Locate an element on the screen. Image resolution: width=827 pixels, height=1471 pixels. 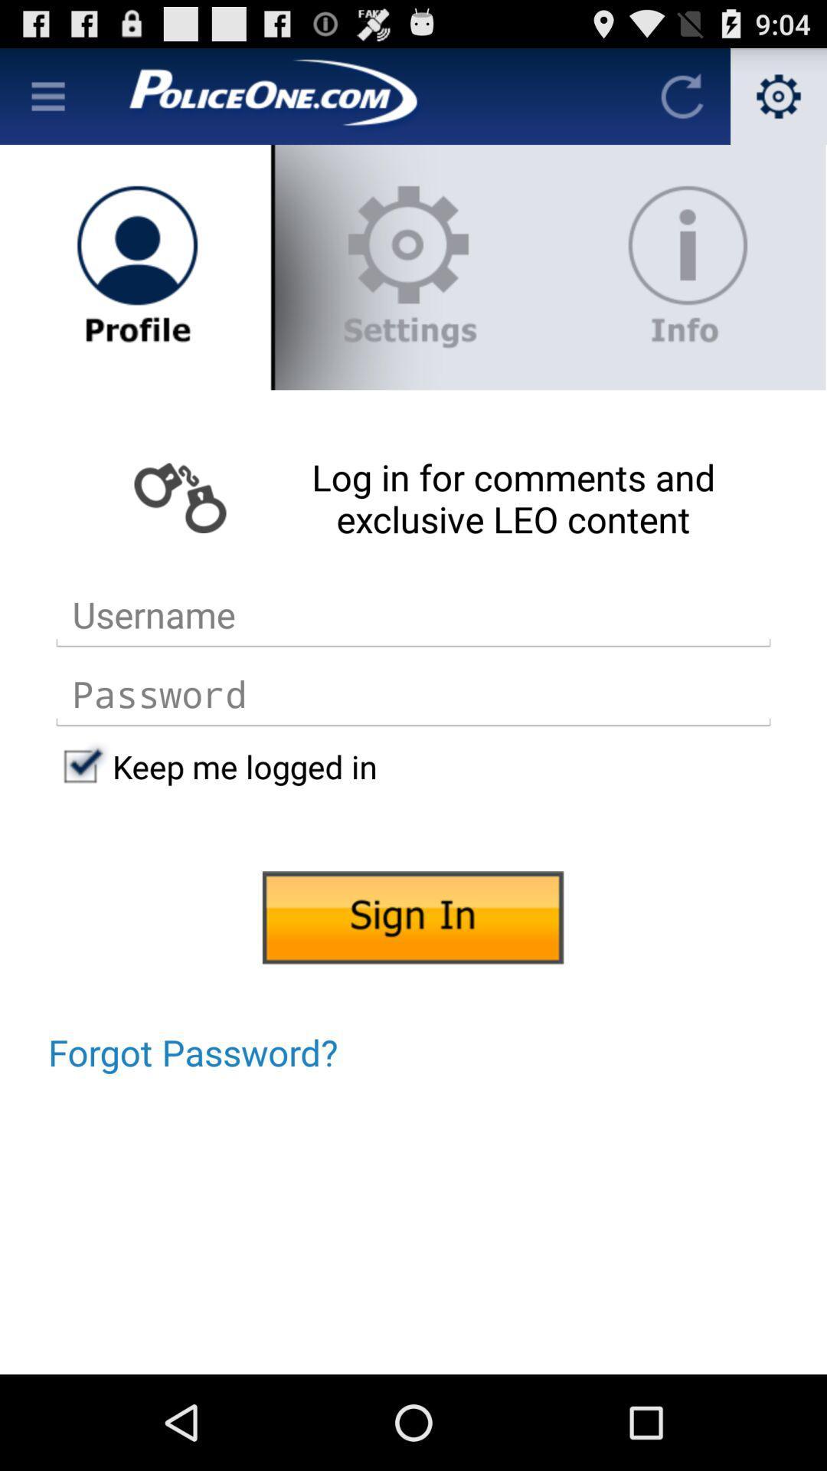
the settings icon is located at coordinates (779, 102).